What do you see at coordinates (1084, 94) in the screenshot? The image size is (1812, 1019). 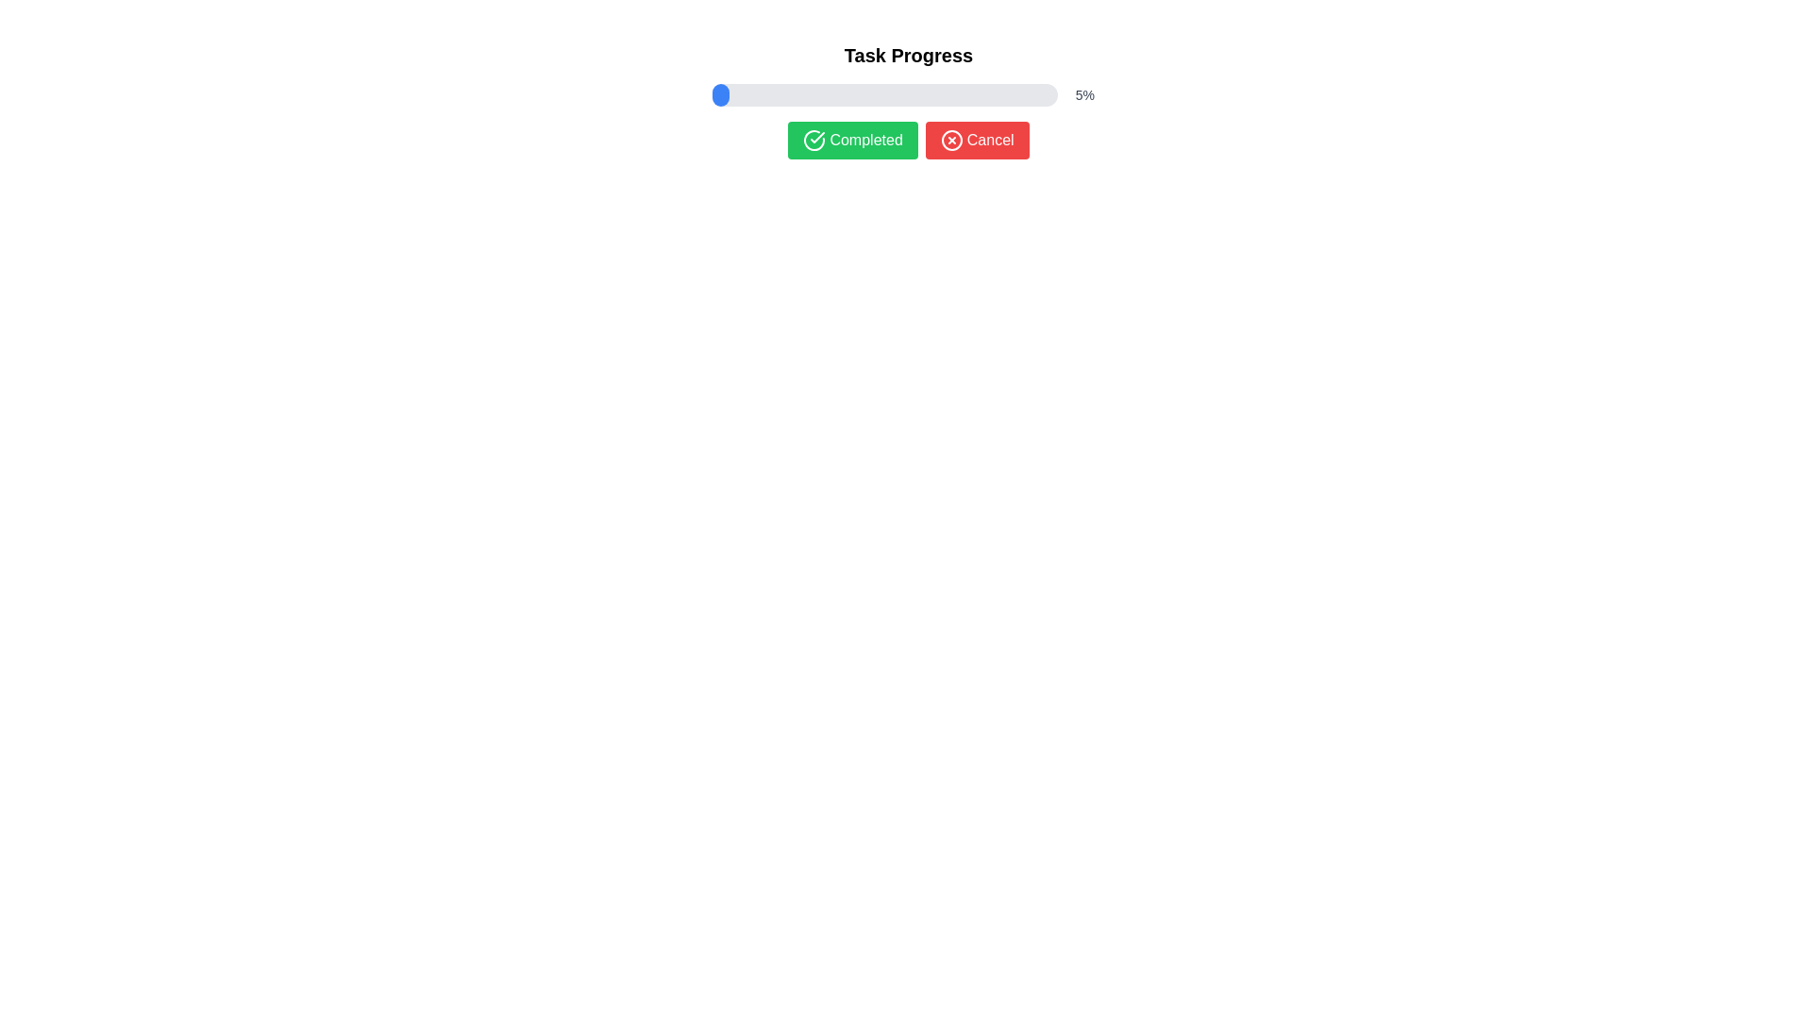 I see `the text label displaying '0%' in gray font color, located at the right end of the progress bar` at bounding box center [1084, 94].